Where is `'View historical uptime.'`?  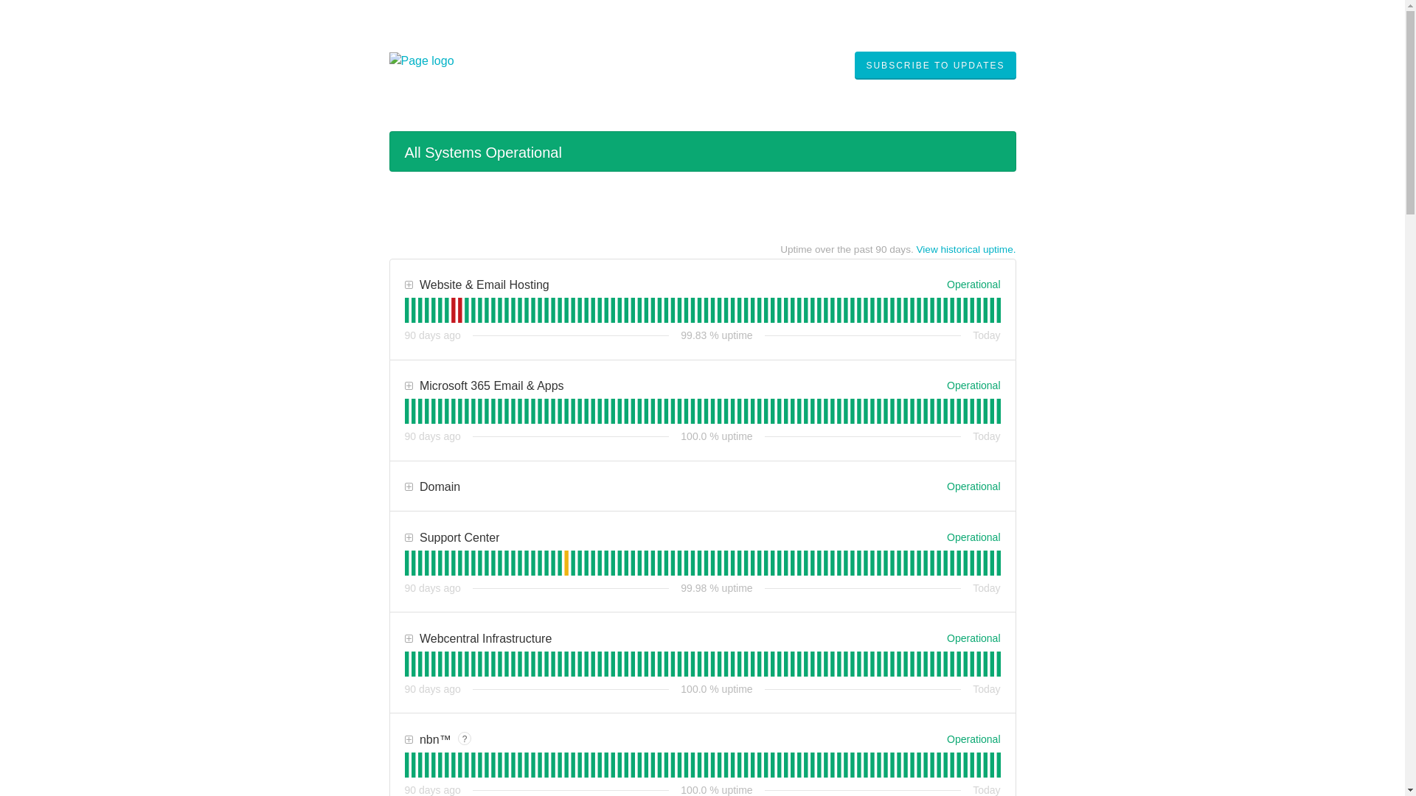 'View historical uptime.' is located at coordinates (965, 248).